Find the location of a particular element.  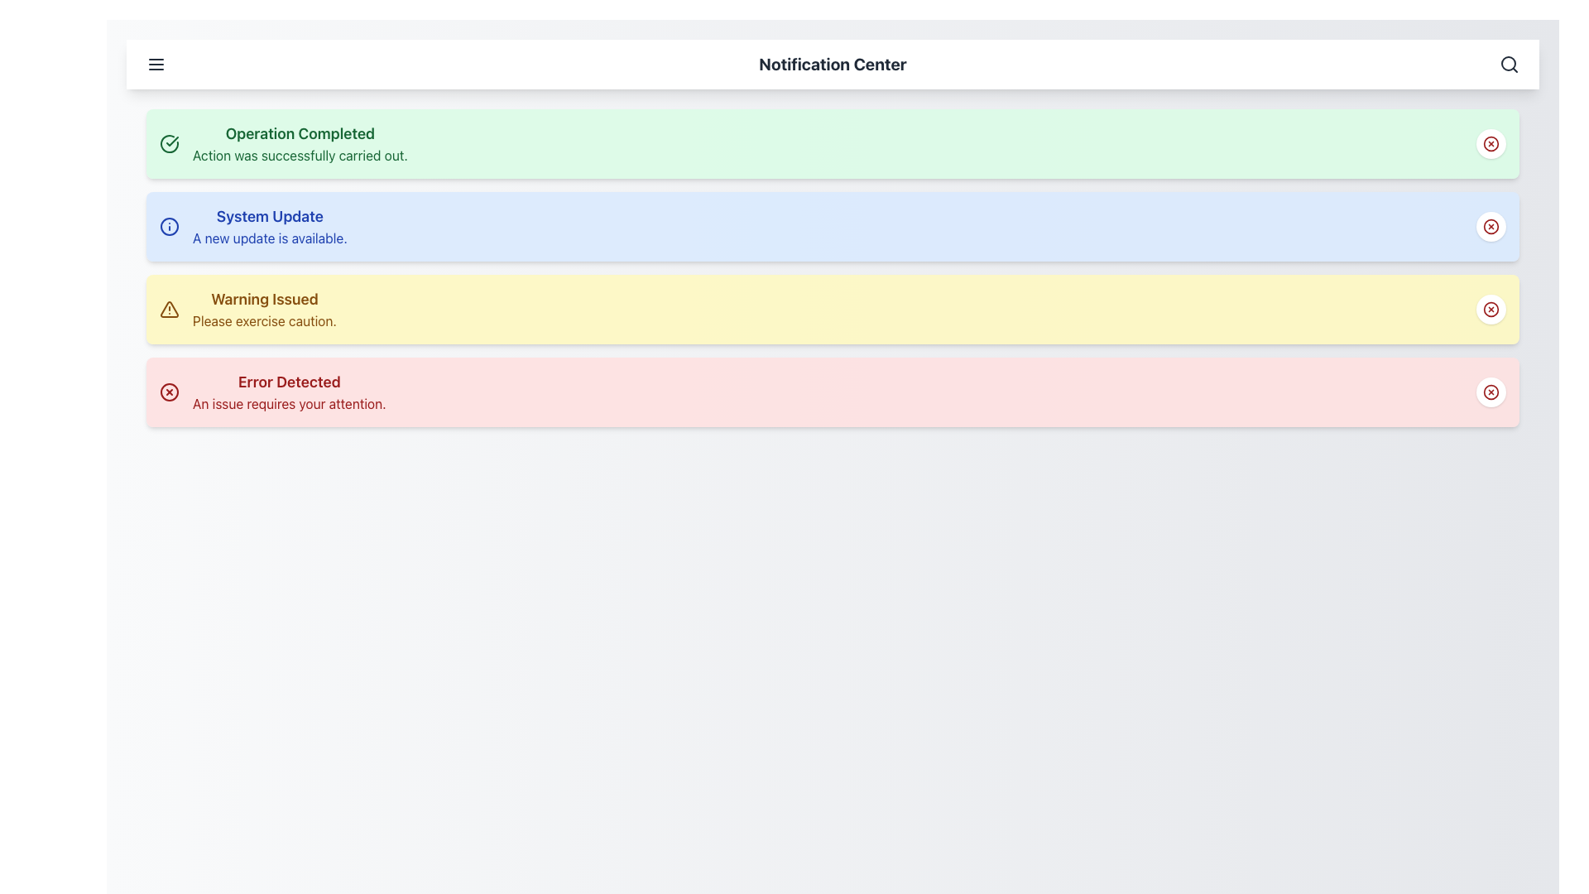

the static text label that displays the message 'Warning Issued' within the notification box that has a yellow background and is the third in the list of notifications is located at coordinates (263, 300).